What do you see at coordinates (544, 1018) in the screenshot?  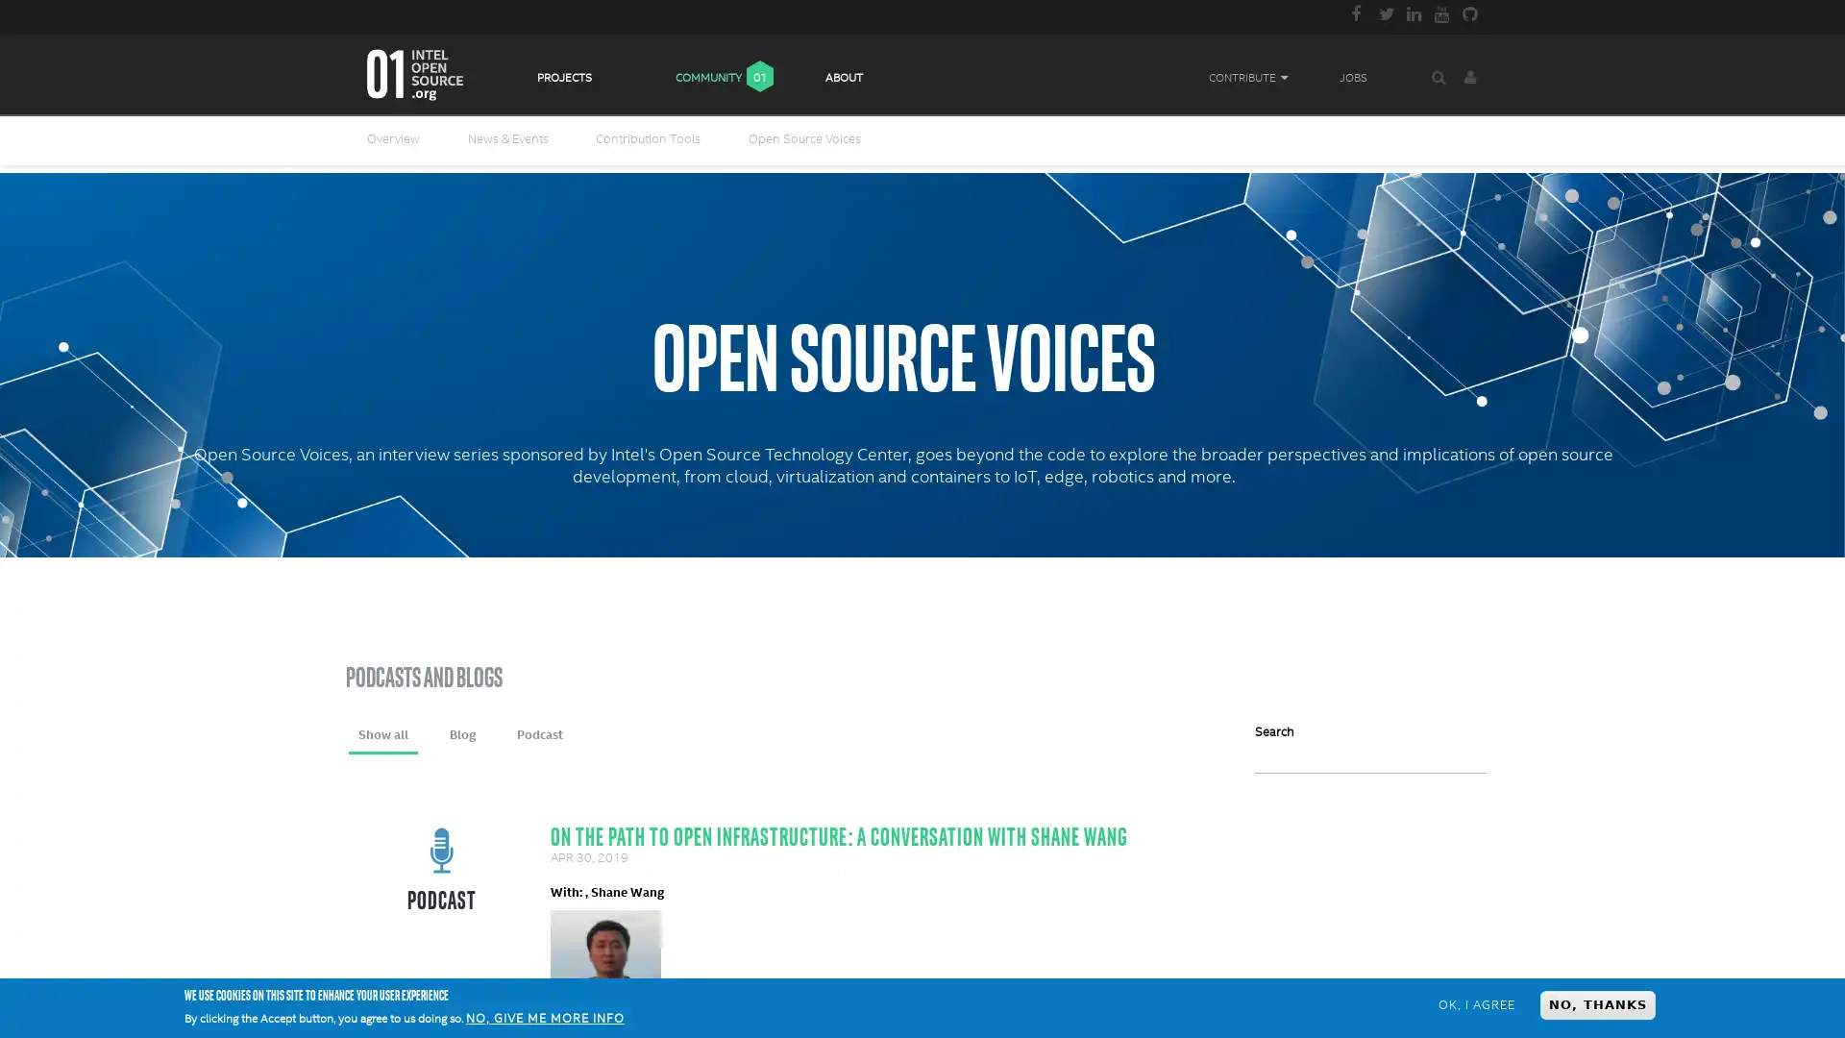 I see `NO, GIVE ME MORE INFO` at bounding box center [544, 1018].